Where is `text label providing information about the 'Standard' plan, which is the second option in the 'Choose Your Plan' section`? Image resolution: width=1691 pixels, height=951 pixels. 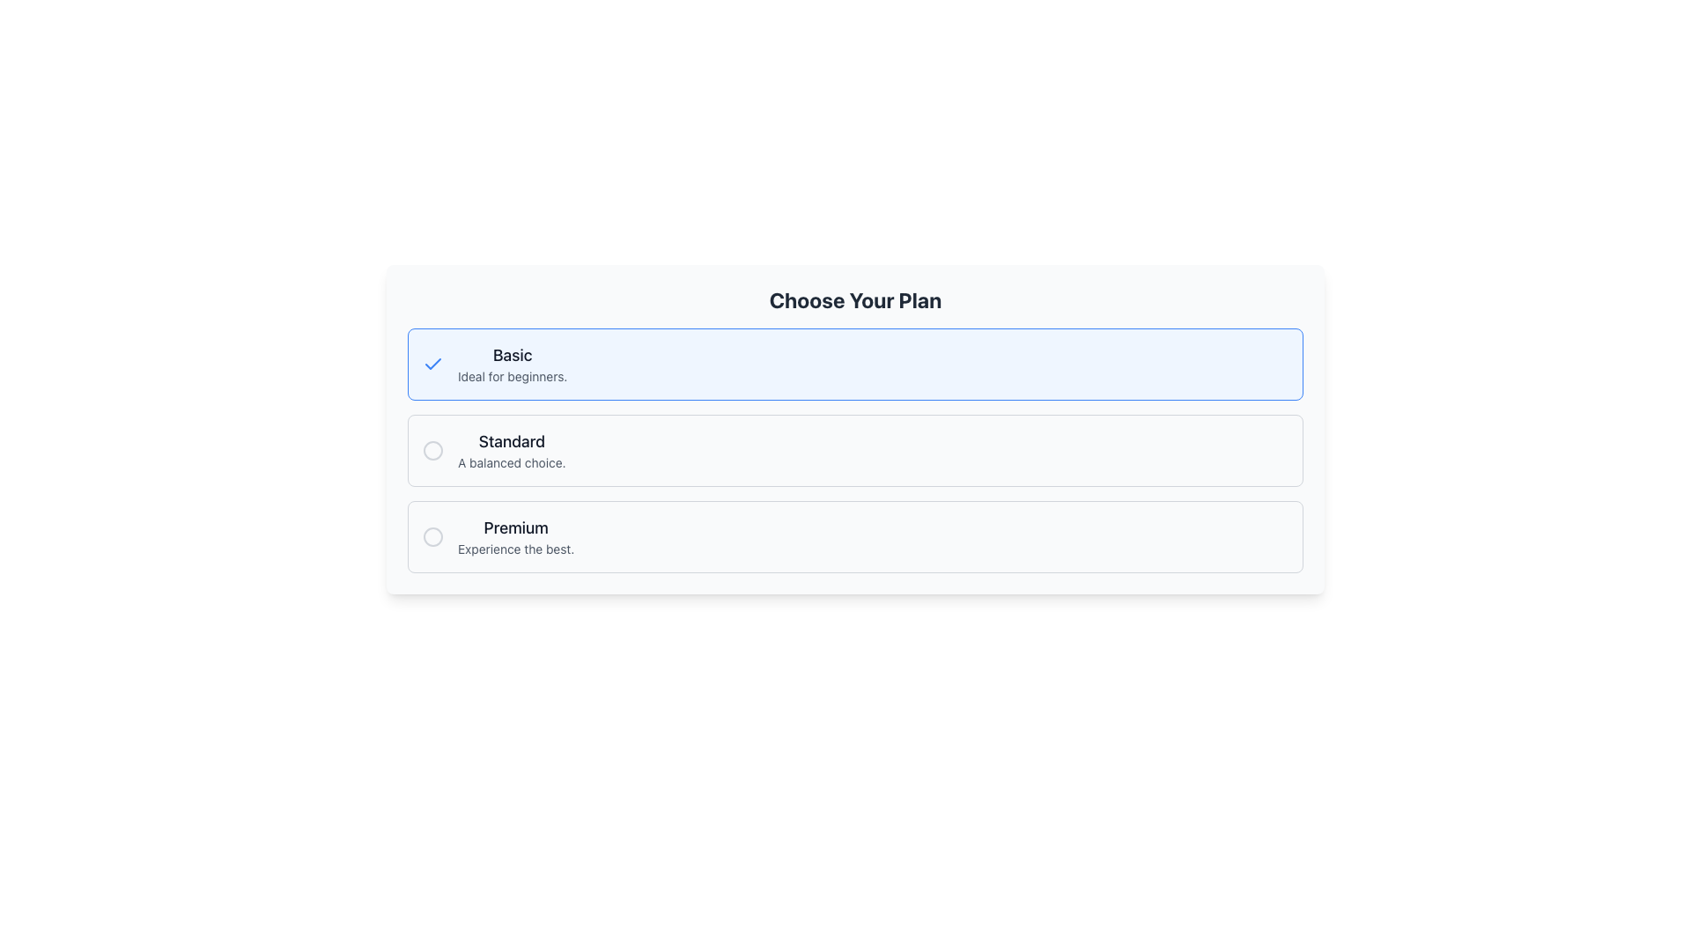 text label providing information about the 'Standard' plan, which is the second option in the 'Choose Your Plan' section is located at coordinates (511, 450).